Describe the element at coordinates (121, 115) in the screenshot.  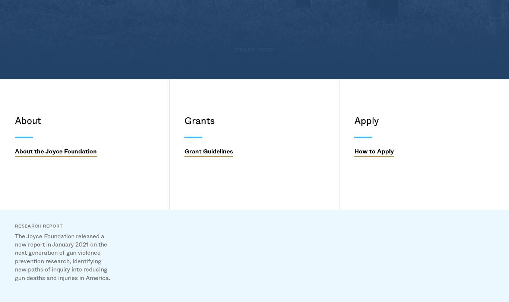
I see `'About'` at that location.